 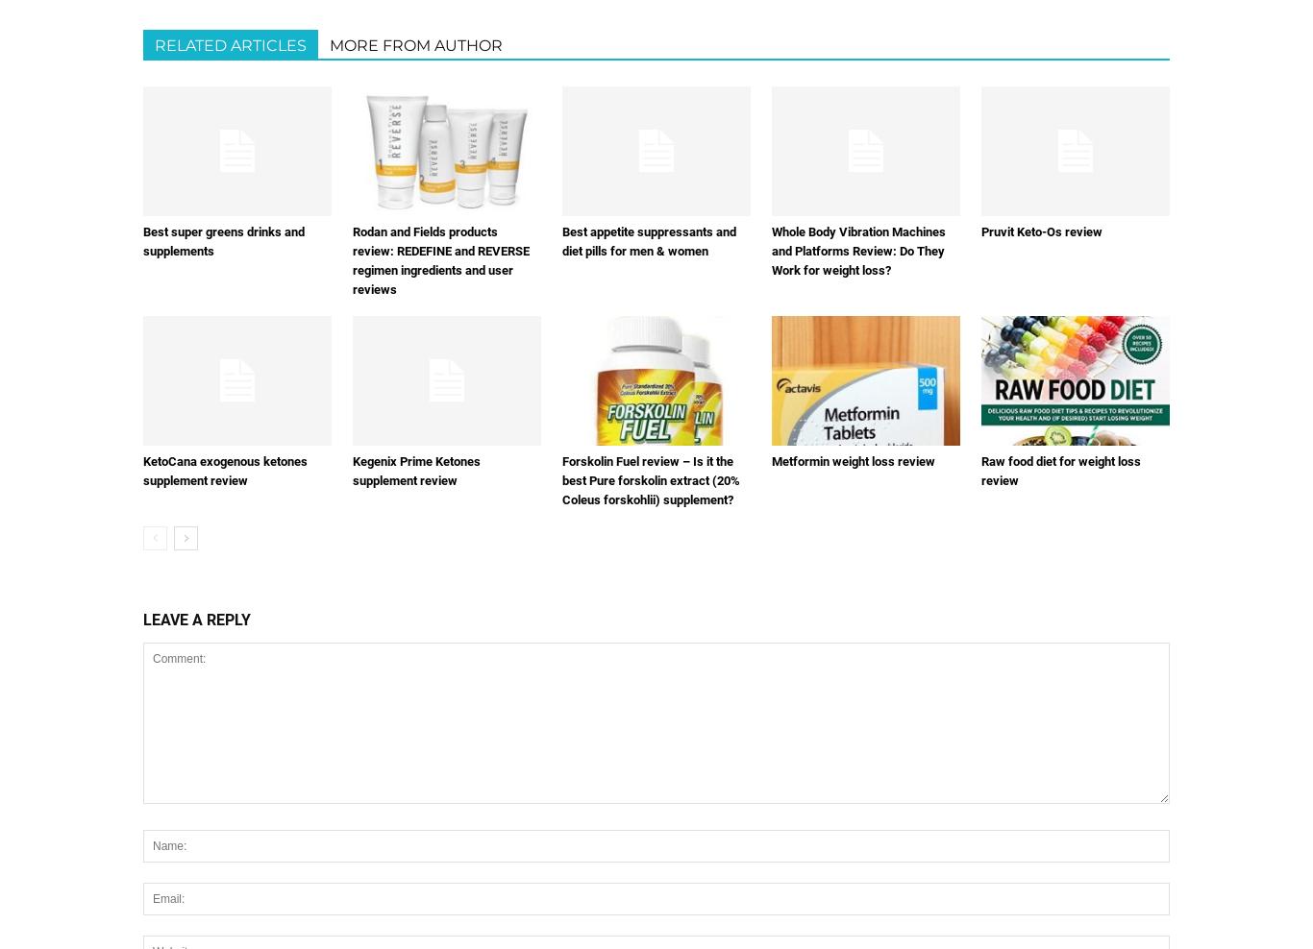 I want to click on 'Raw food diet for weight loss review', so click(x=1060, y=470).